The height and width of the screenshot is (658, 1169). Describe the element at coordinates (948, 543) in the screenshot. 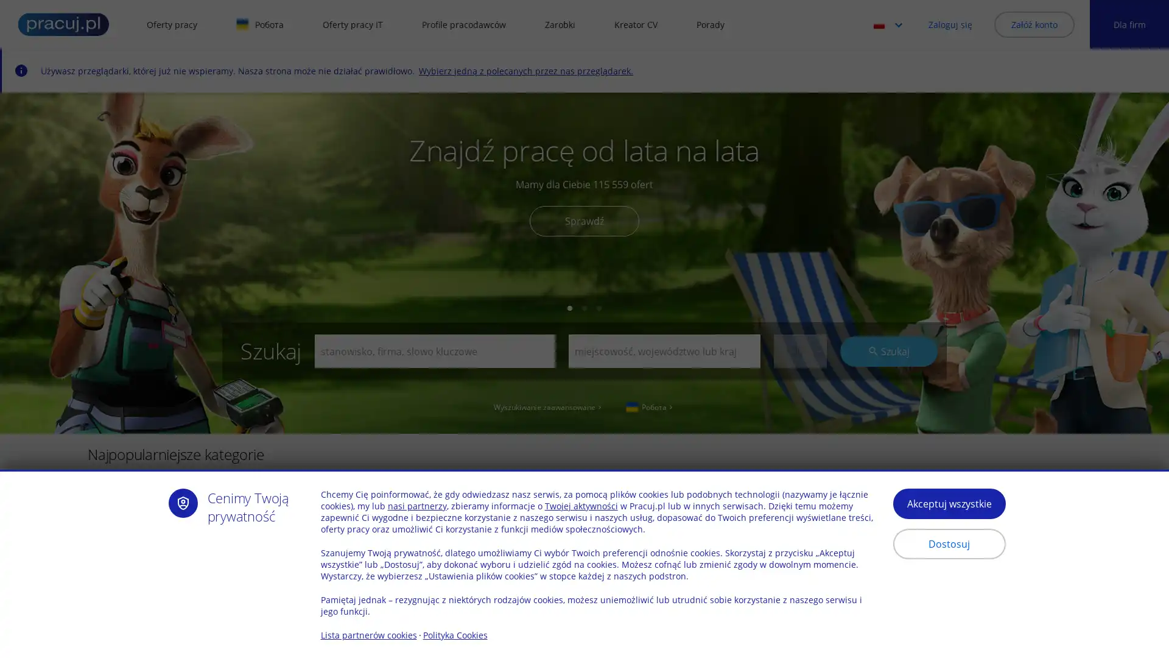

I see `Dostosuj` at that location.